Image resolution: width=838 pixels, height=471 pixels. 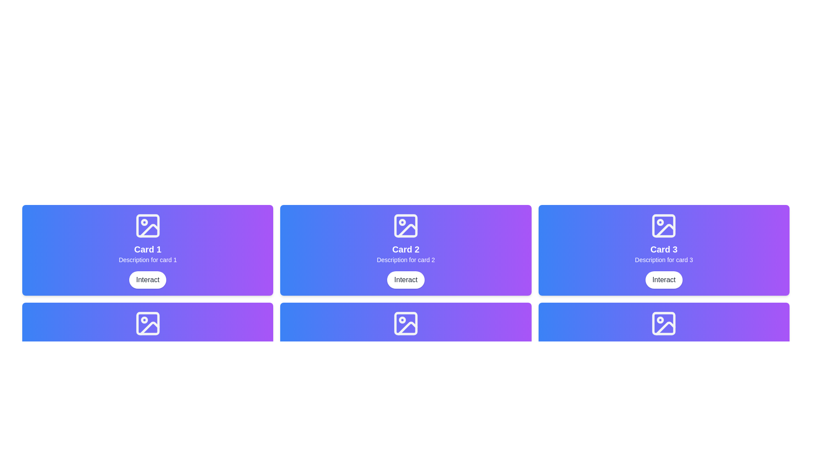 I want to click on the bold, extra-large text reading 'Card 3' located at the top-center of its card component with a gradient background, so click(x=663, y=249).